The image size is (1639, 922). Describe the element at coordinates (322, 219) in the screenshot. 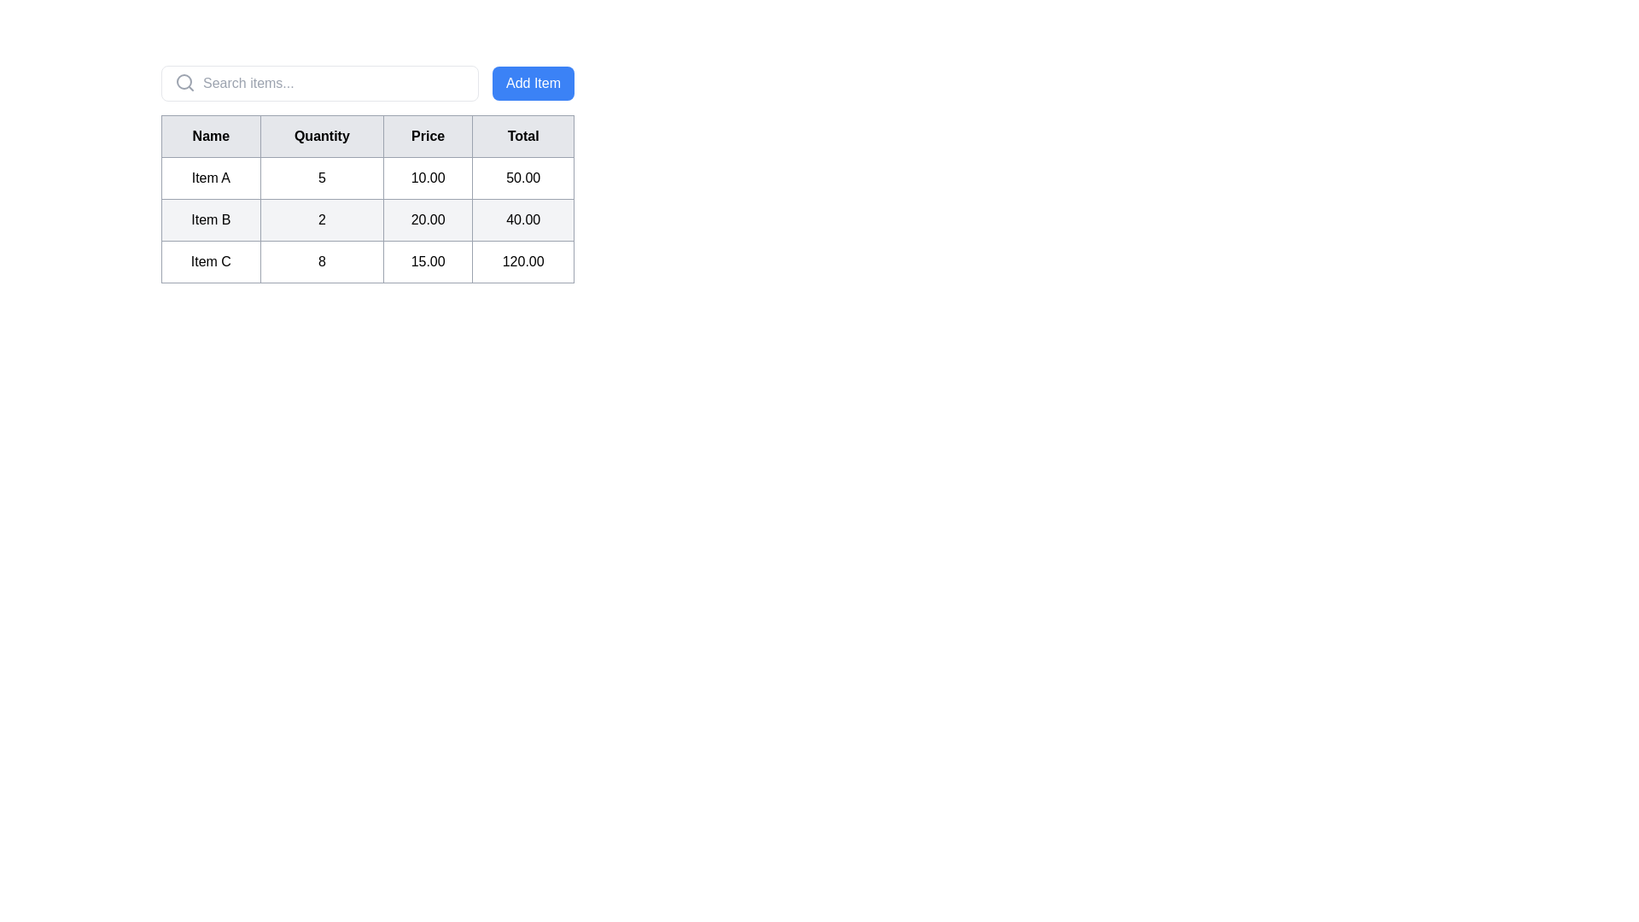

I see `displayed content in the table cell that represents the quantity of 'Item B', located in the second column of the row labeled 'Item B'` at that location.